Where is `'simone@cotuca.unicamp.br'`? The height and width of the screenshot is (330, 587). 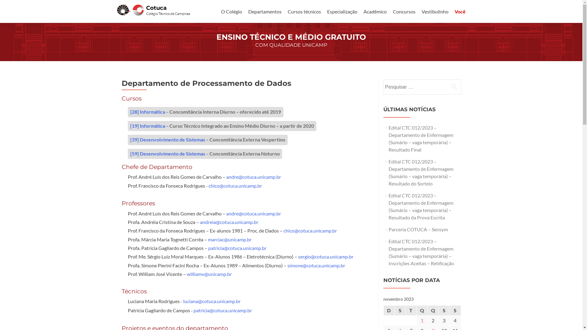 'simone@cotuca.unicamp.br' is located at coordinates (316, 265).